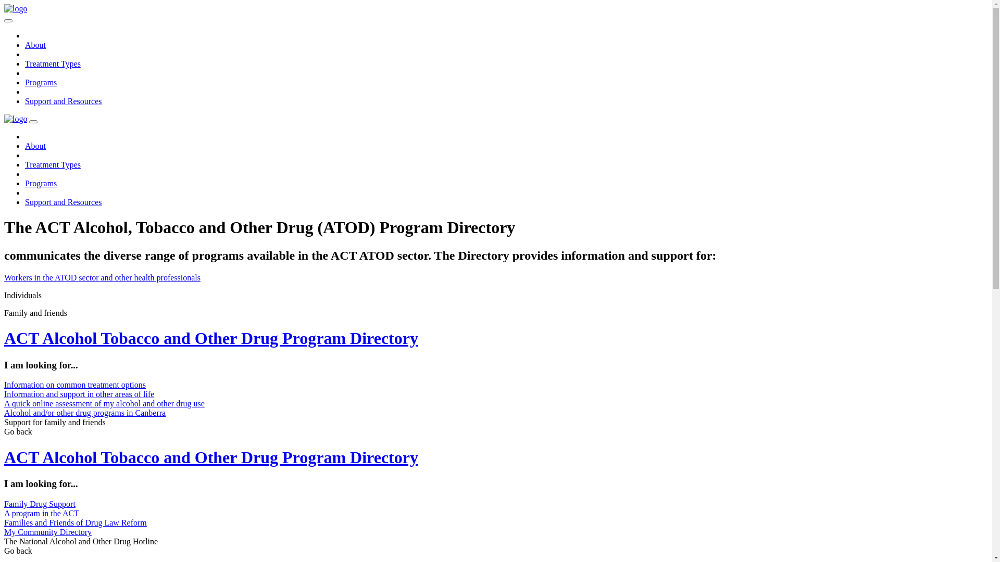 The height and width of the screenshot is (562, 1000). Describe the element at coordinates (25, 146) in the screenshot. I see `'About'` at that location.